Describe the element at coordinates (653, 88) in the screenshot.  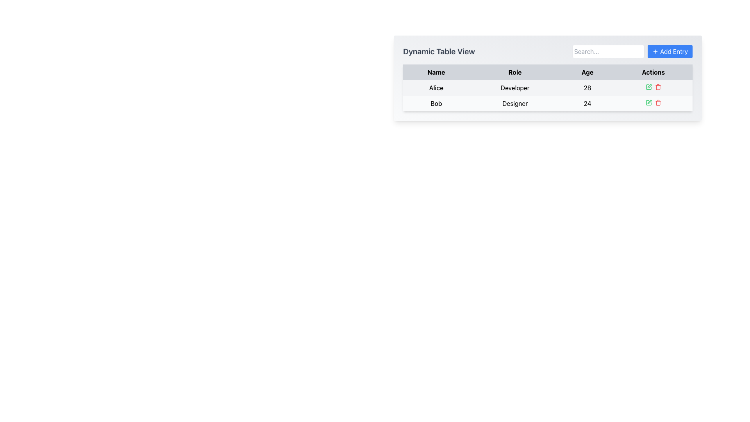
I see `the action interface in the 'Actions' column for the row of 'Alice', the 'Developer' aged '28'` at that location.